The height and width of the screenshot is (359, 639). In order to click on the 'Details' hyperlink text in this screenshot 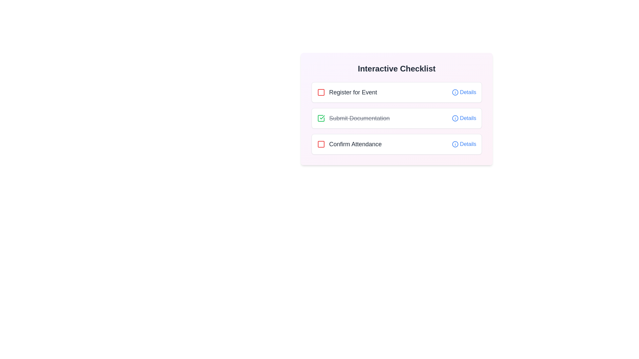, I will do `click(468, 144)`.